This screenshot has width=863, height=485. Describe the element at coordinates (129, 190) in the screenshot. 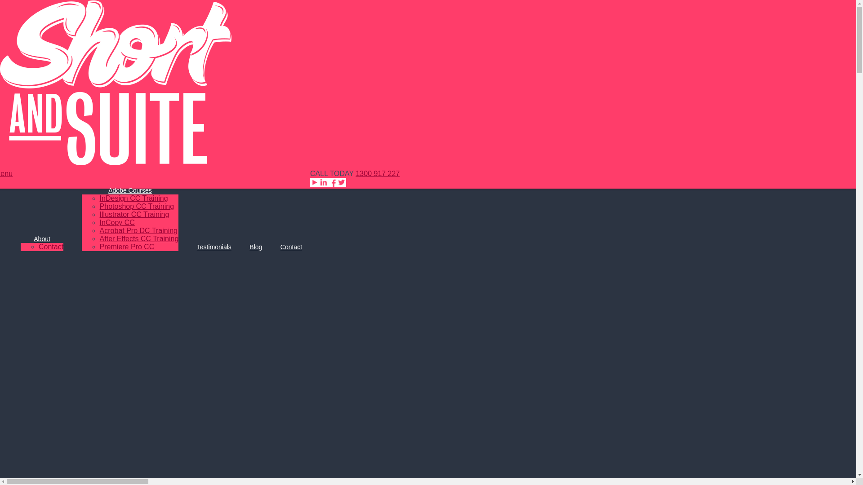

I see `'Adobe Courses'` at that location.